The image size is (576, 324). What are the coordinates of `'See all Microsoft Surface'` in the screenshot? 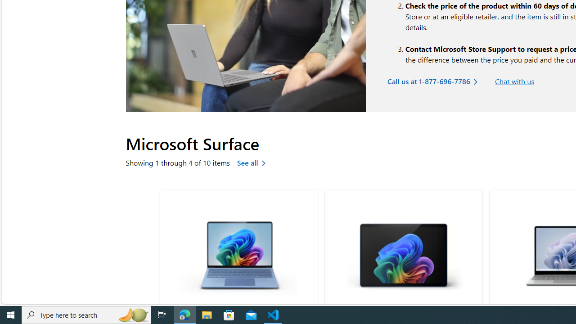 It's located at (253, 162).